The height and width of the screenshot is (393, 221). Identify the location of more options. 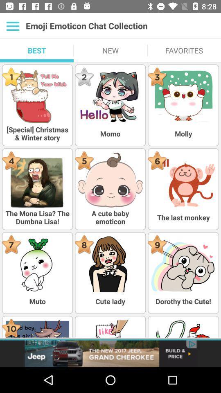
(12, 26).